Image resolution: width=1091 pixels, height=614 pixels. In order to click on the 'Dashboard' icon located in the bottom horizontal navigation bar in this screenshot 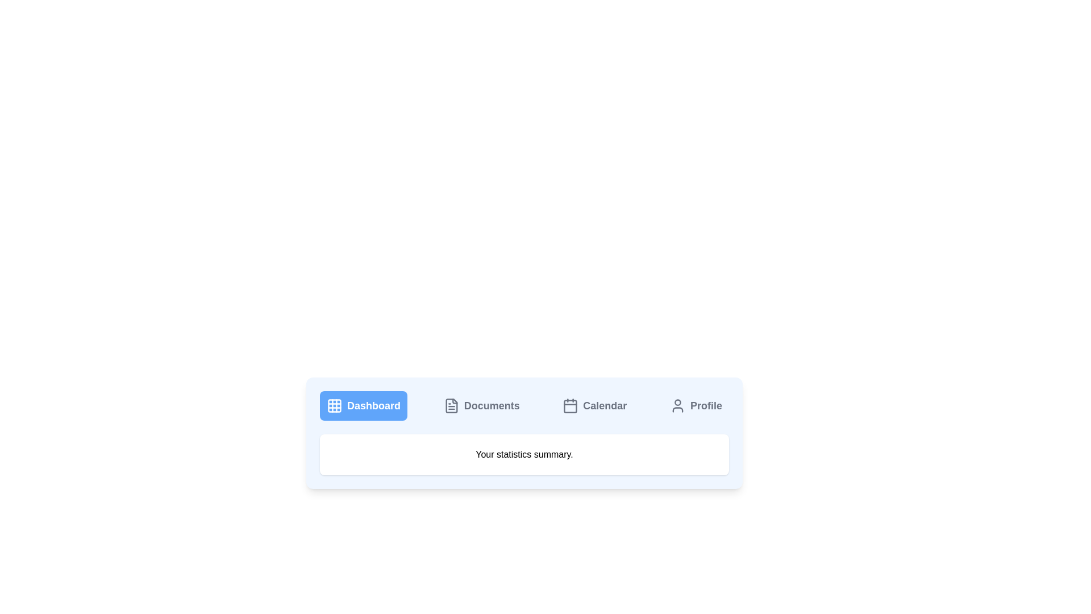, I will do `click(334, 405)`.